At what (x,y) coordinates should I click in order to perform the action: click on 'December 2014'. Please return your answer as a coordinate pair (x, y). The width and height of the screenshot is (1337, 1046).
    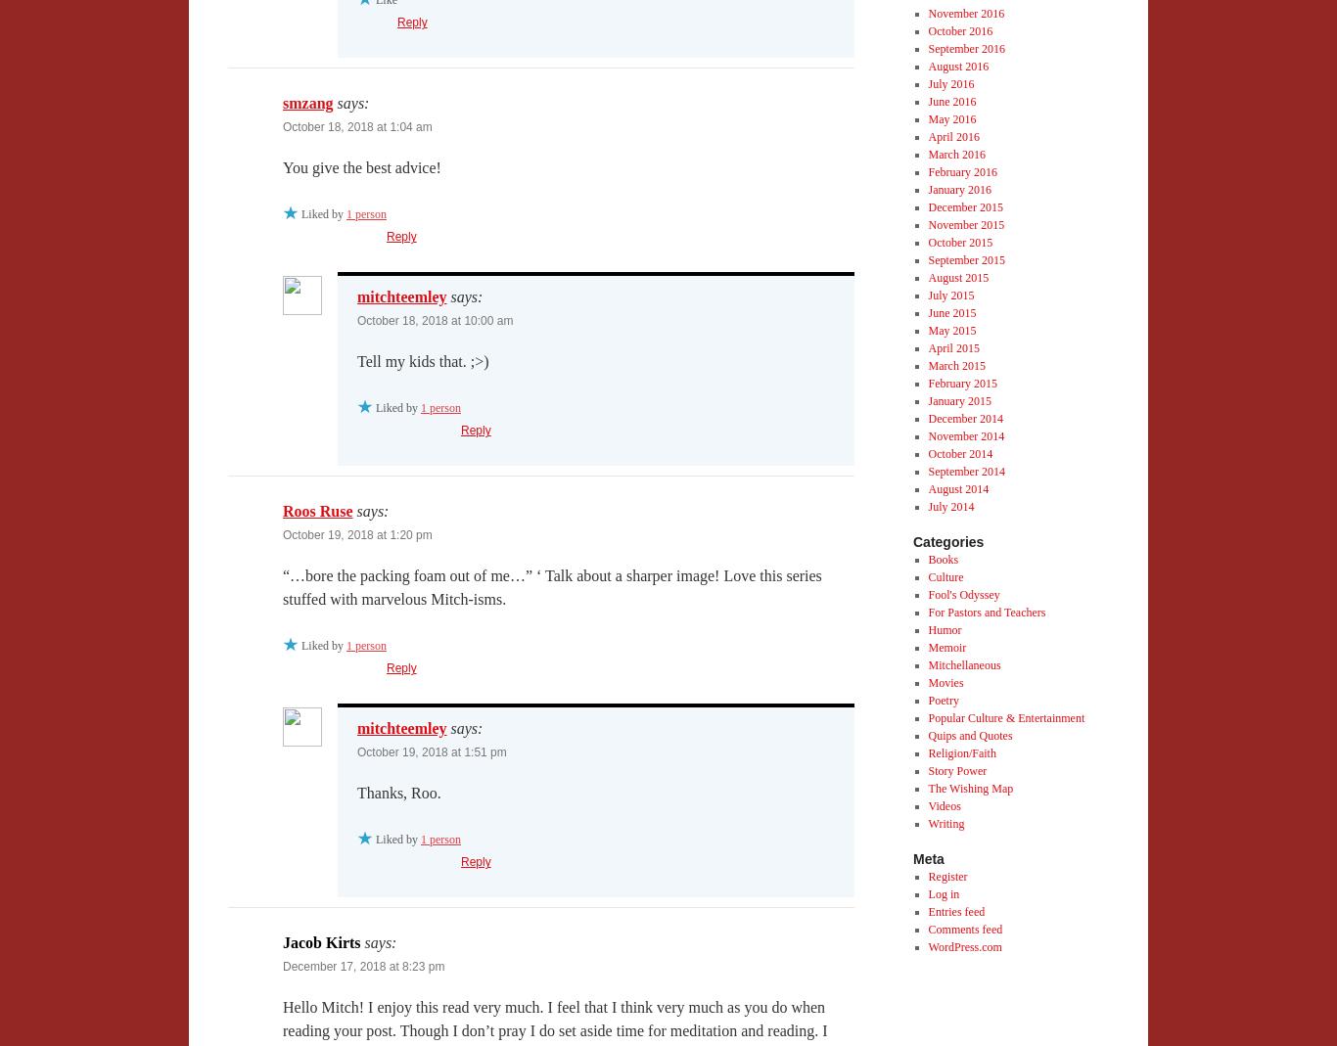
    Looking at the image, I should click on (964, 417).